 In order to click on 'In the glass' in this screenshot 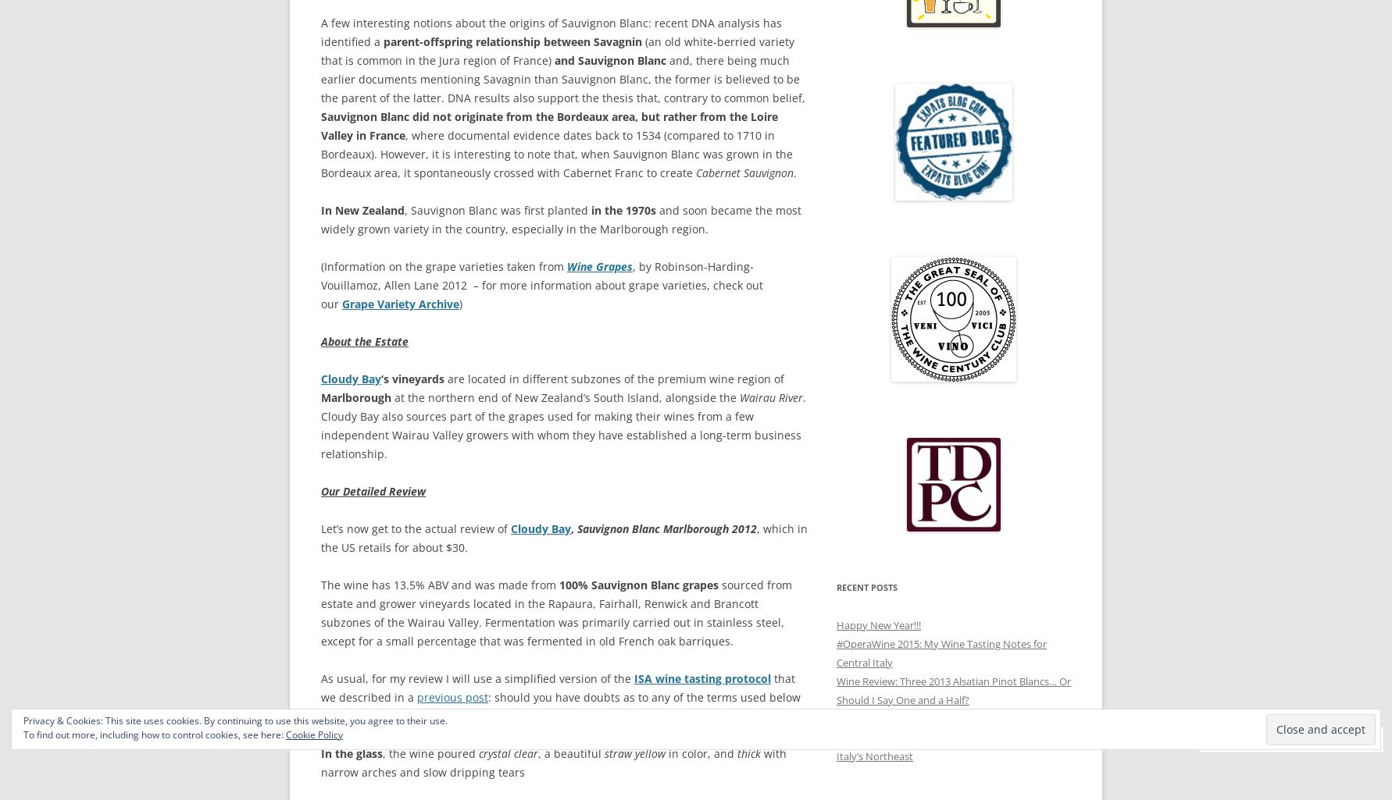, I will do `click(351, 753)`.